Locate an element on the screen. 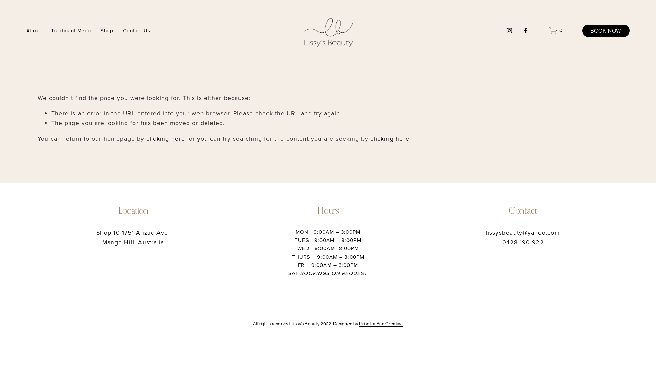 The image size is (656, 369). '0' is located at coordinates (556, 30).